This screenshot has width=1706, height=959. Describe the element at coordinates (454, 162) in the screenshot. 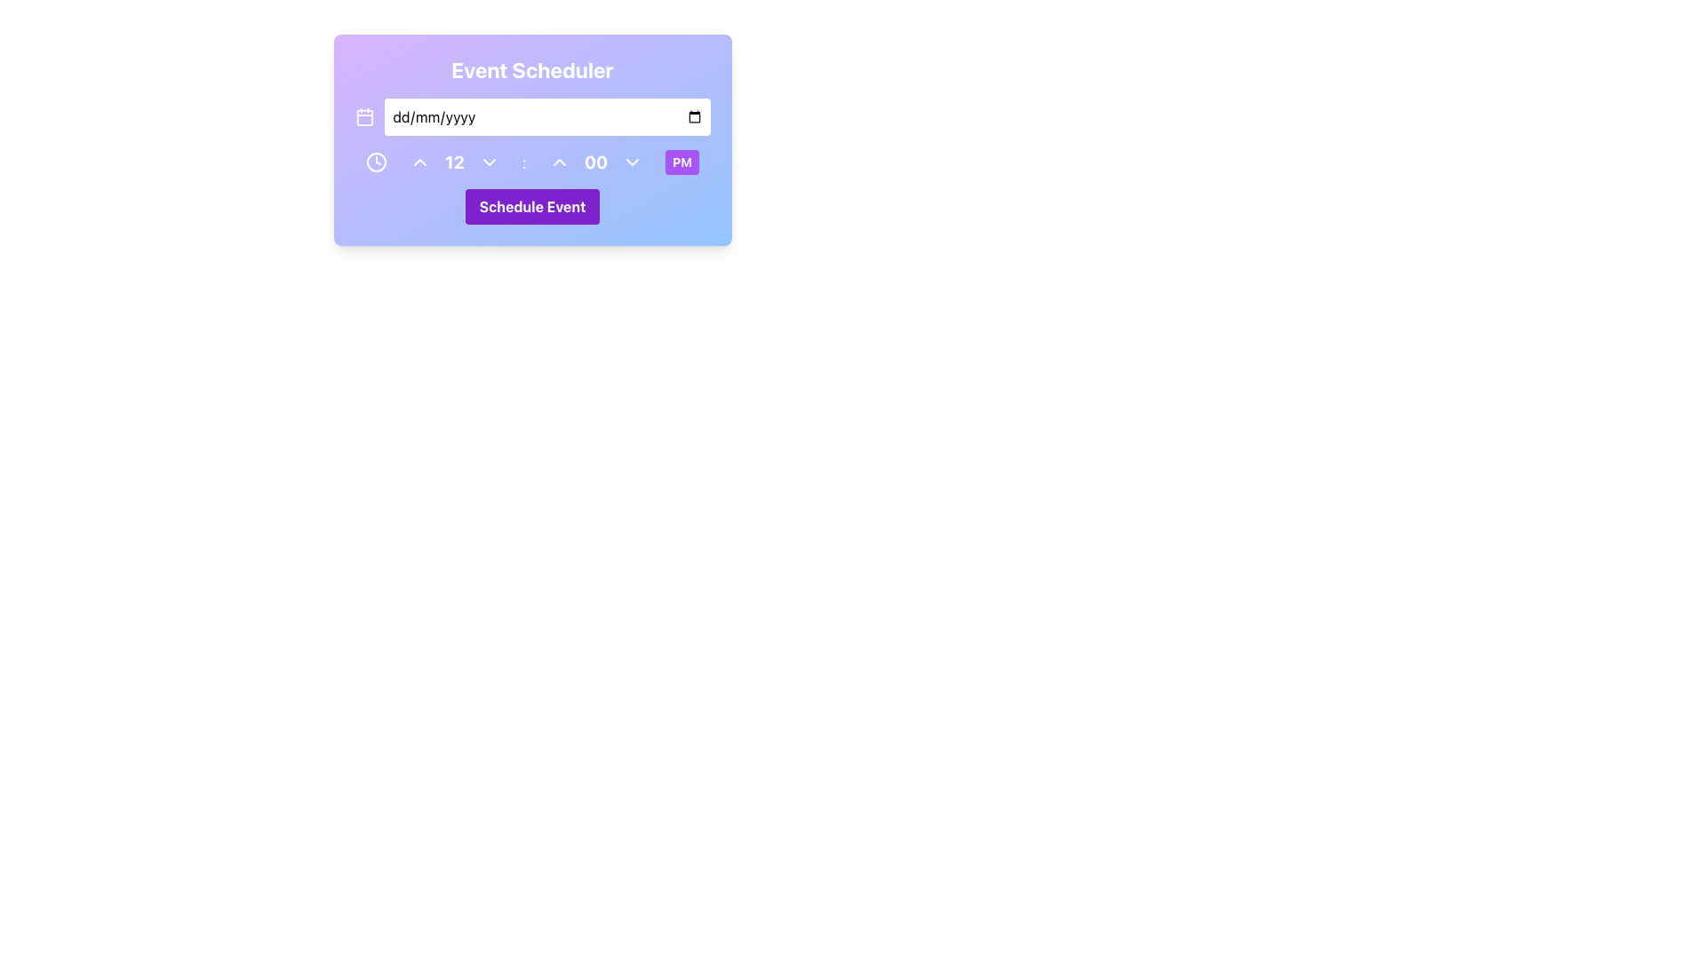

I see `the text label displaying the number '12' which is bold, white, and part of the time-setting controls, located between two arrow buttons` at that location.